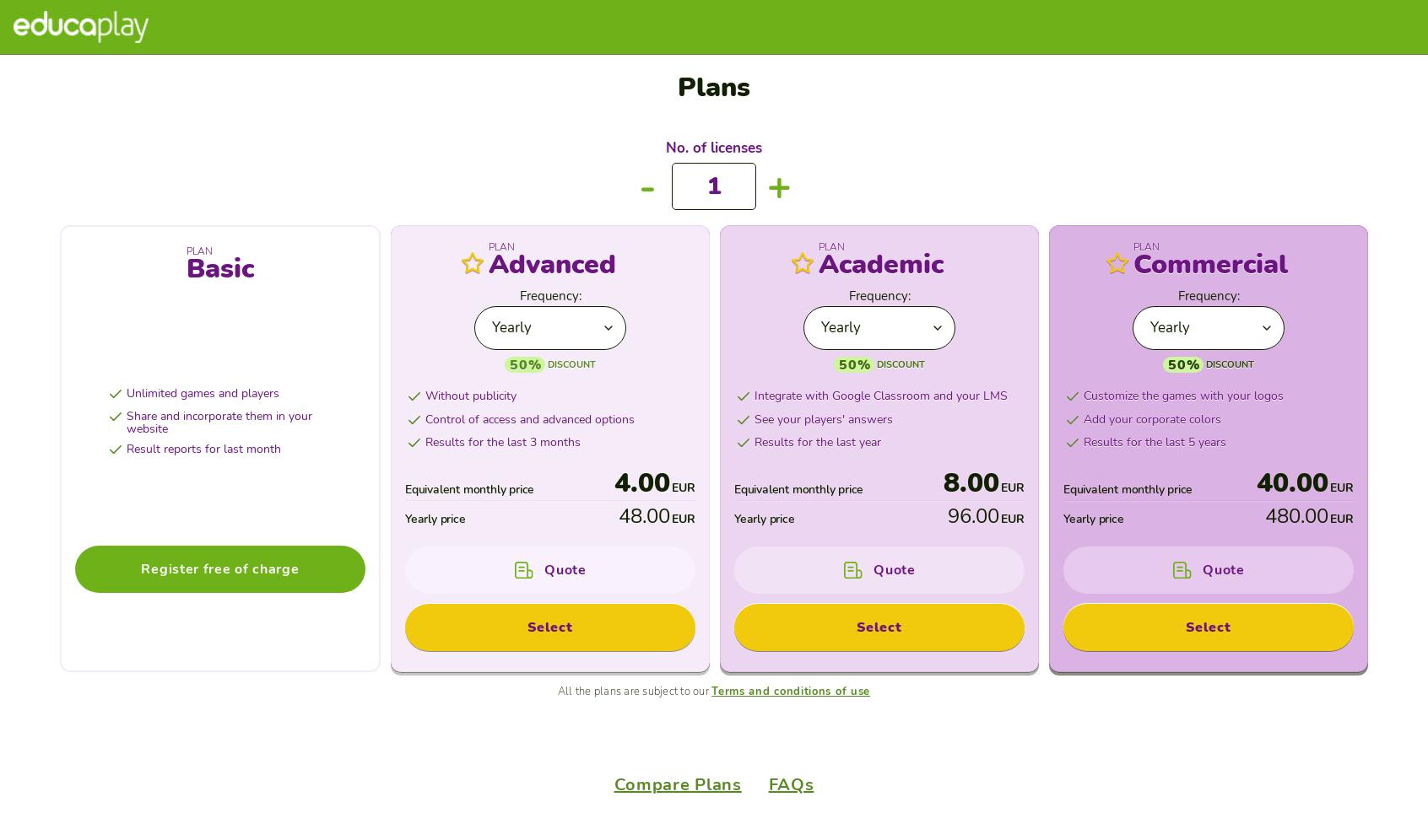  I want to click on 'Customize the games with your corporate colors', so click(232, 108).